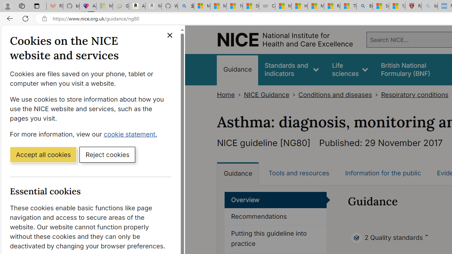 This screenshot has height=254, width=452. I want to click on 'How I Got Rid of Microsoft Edge', so click(299, 6).